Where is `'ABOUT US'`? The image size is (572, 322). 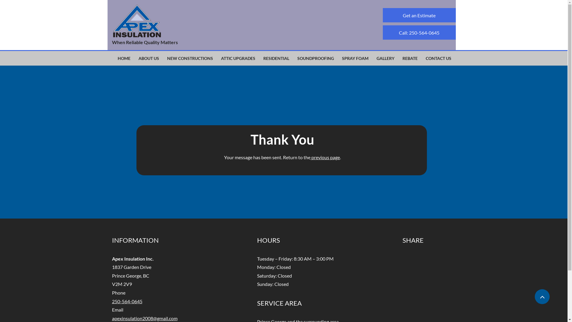 'ABOUT US' is located at coordinates (149, 58).